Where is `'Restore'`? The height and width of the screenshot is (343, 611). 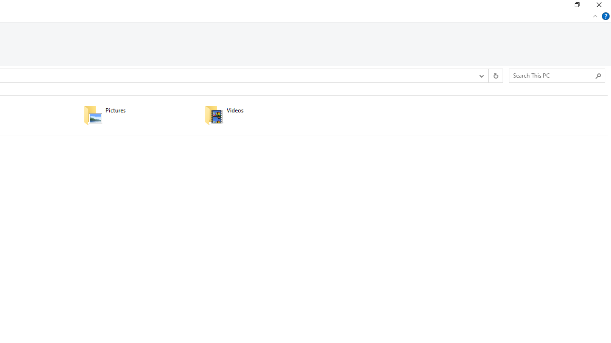
'Restore' is located at coordinates (576, 7).